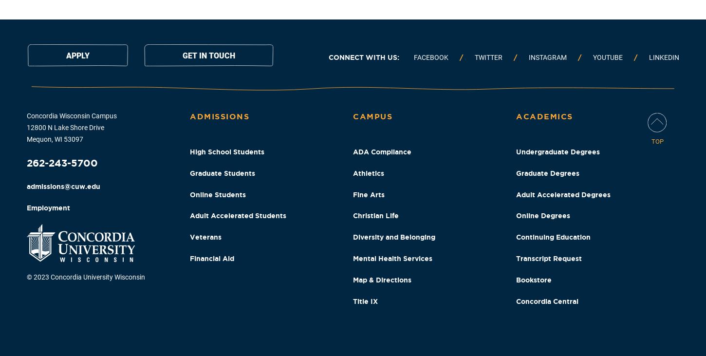  Describe the element at coordinates (353, 279) in the screenshot. I see `'Map & Directions'` at that location.